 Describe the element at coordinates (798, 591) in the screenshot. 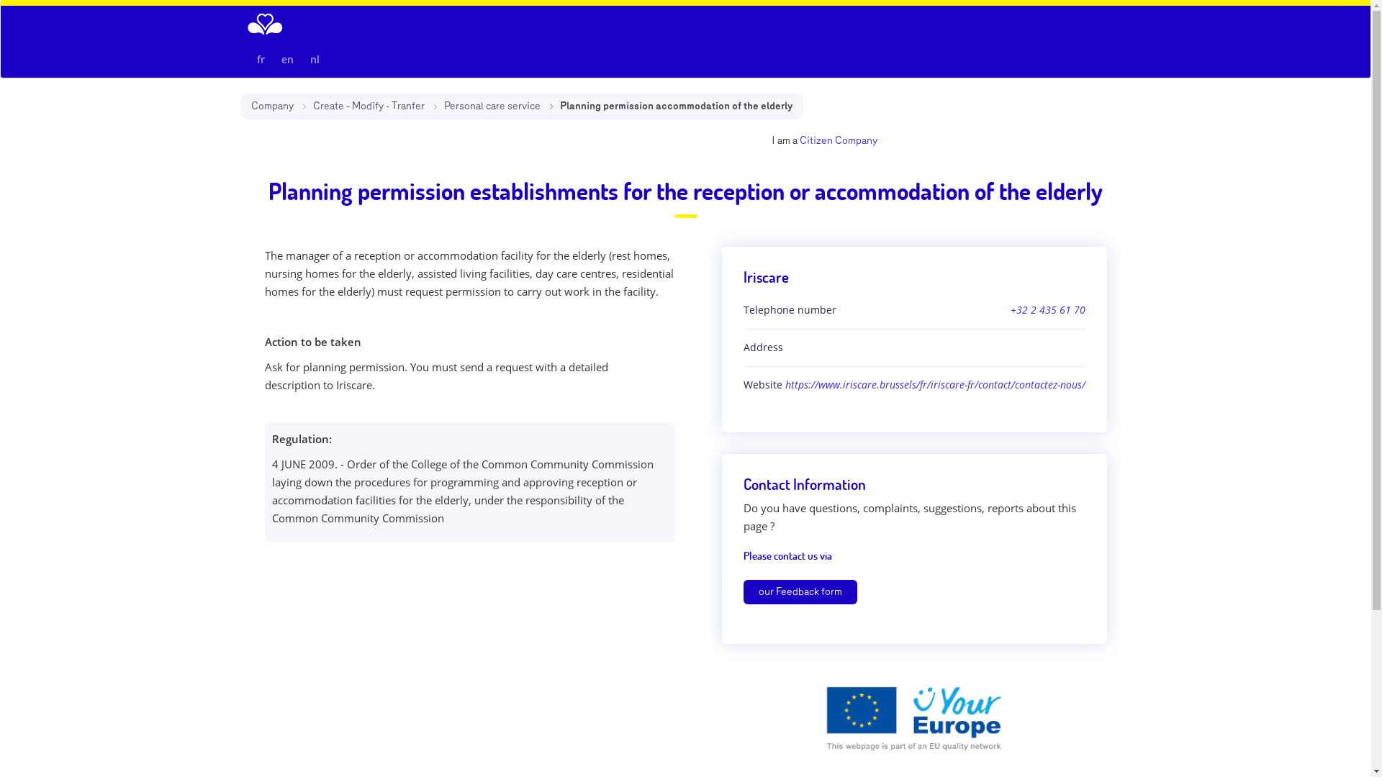

I see `'our Feedback form'` at that location.